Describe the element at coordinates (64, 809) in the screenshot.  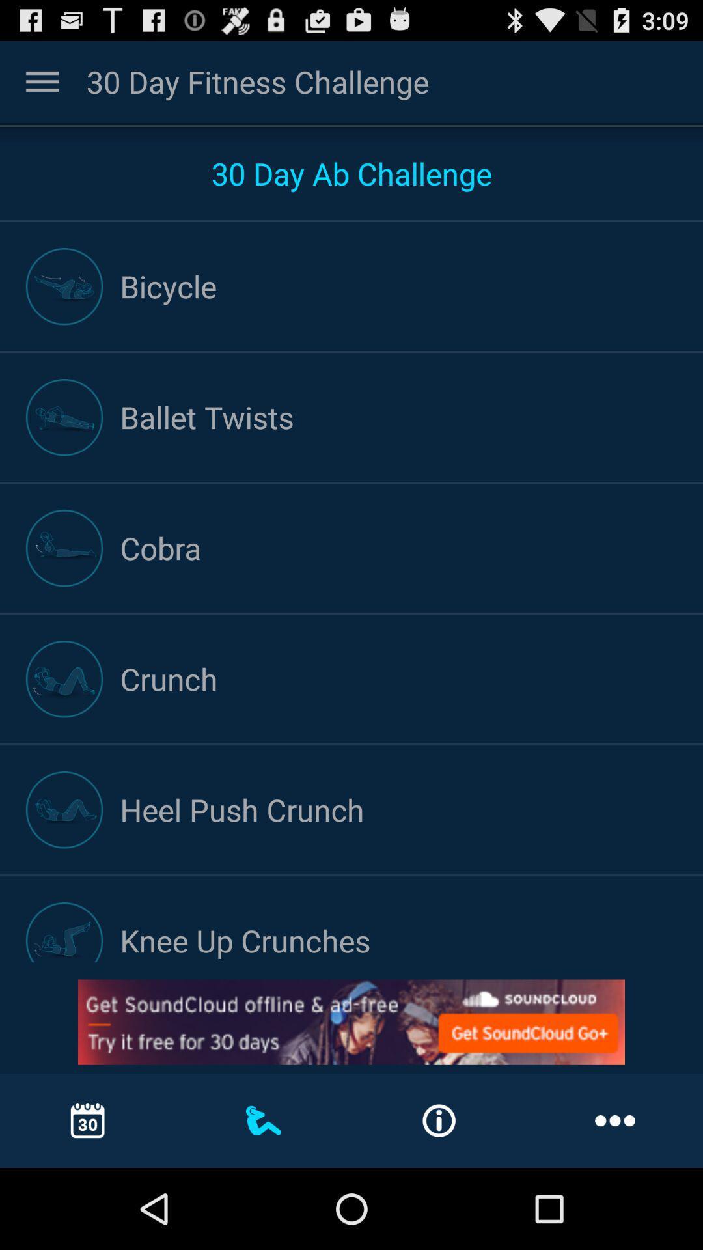
I see `the icon which is left to heel push crunch` at that location.